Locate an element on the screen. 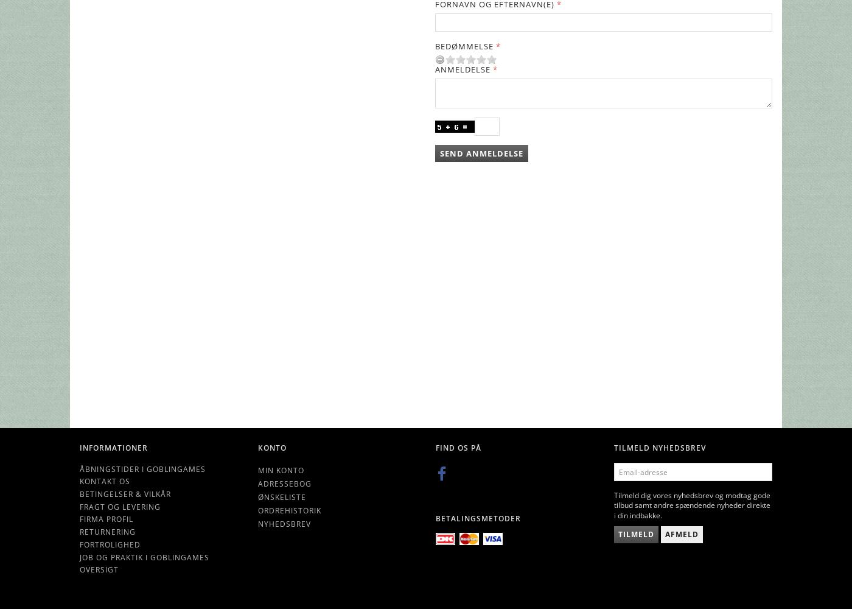 Image resolution: width=852 pixels, height=609 pixels. 'Konto' is located at coordinates (271, 446).